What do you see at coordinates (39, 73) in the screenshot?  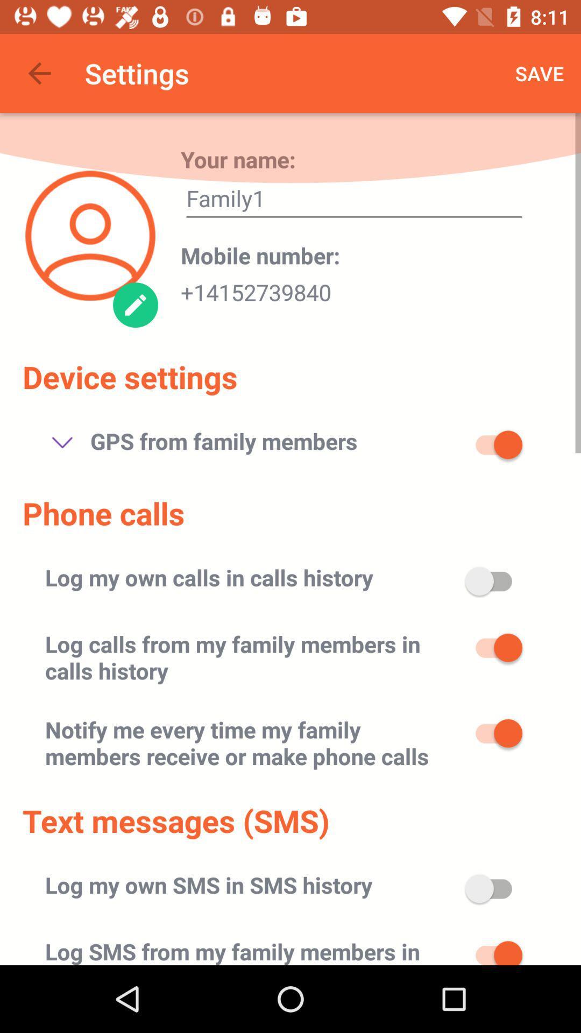 I see `the icon to the left of settings` at bounding box center [39, 73].